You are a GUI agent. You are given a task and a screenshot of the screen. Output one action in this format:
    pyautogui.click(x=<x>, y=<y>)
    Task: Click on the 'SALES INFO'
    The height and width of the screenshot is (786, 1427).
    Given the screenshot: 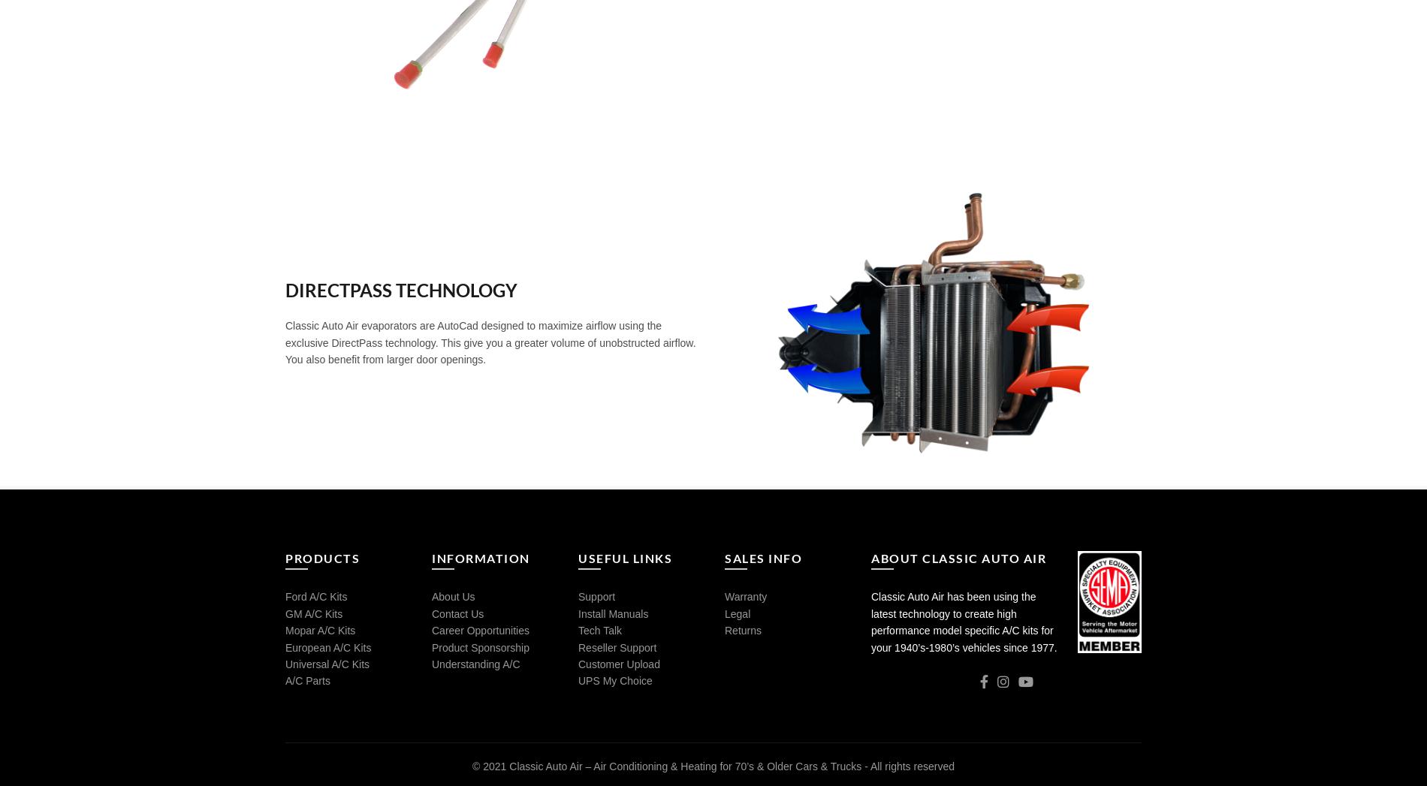 What is the action you would take?
    pyautogui.click(x=763, y=558)
    